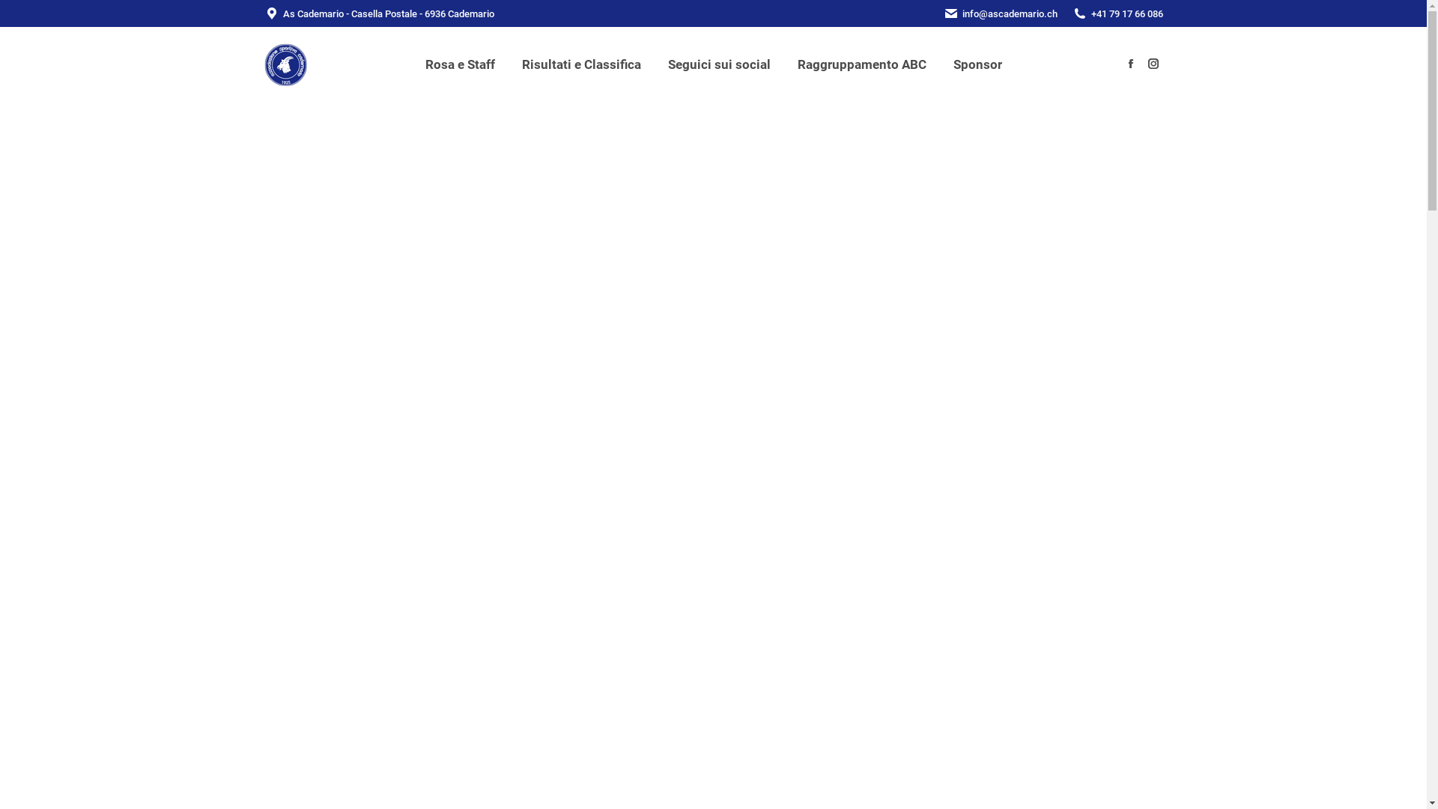 This screenshot has height=809, width=1438. Describe the element at coordinates (422, 63) in the screenshot. I see `'Rosa e Staff'` at that location.